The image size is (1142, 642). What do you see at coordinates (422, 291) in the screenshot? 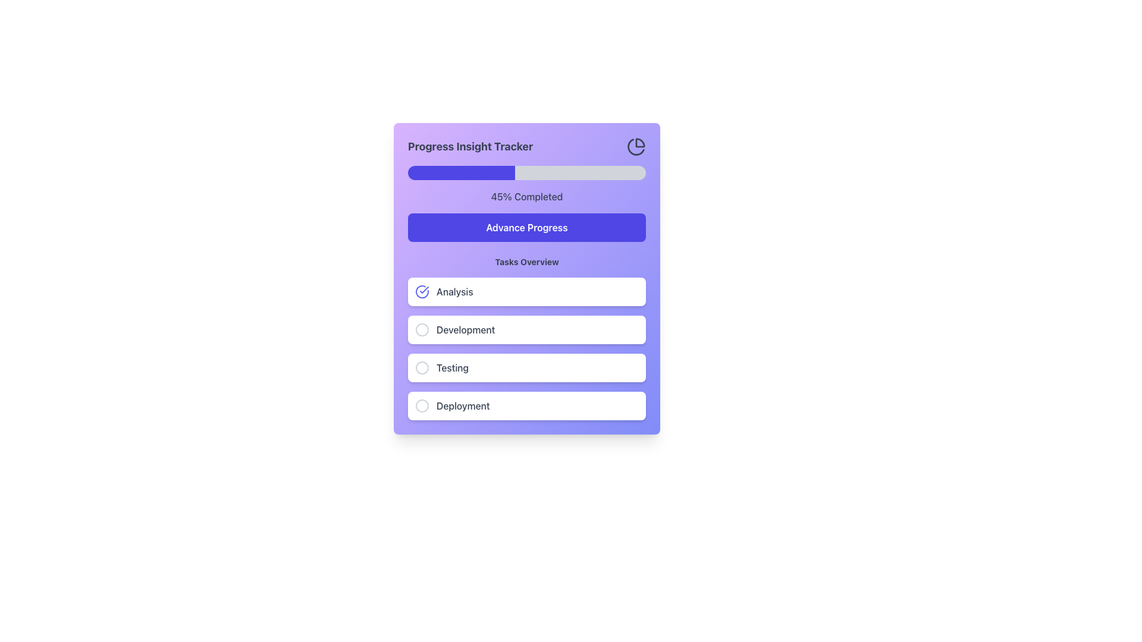
I see `the checkmark icon within a circle located adjacent to the 'Analysis' label` at bounding box center [422, 291].